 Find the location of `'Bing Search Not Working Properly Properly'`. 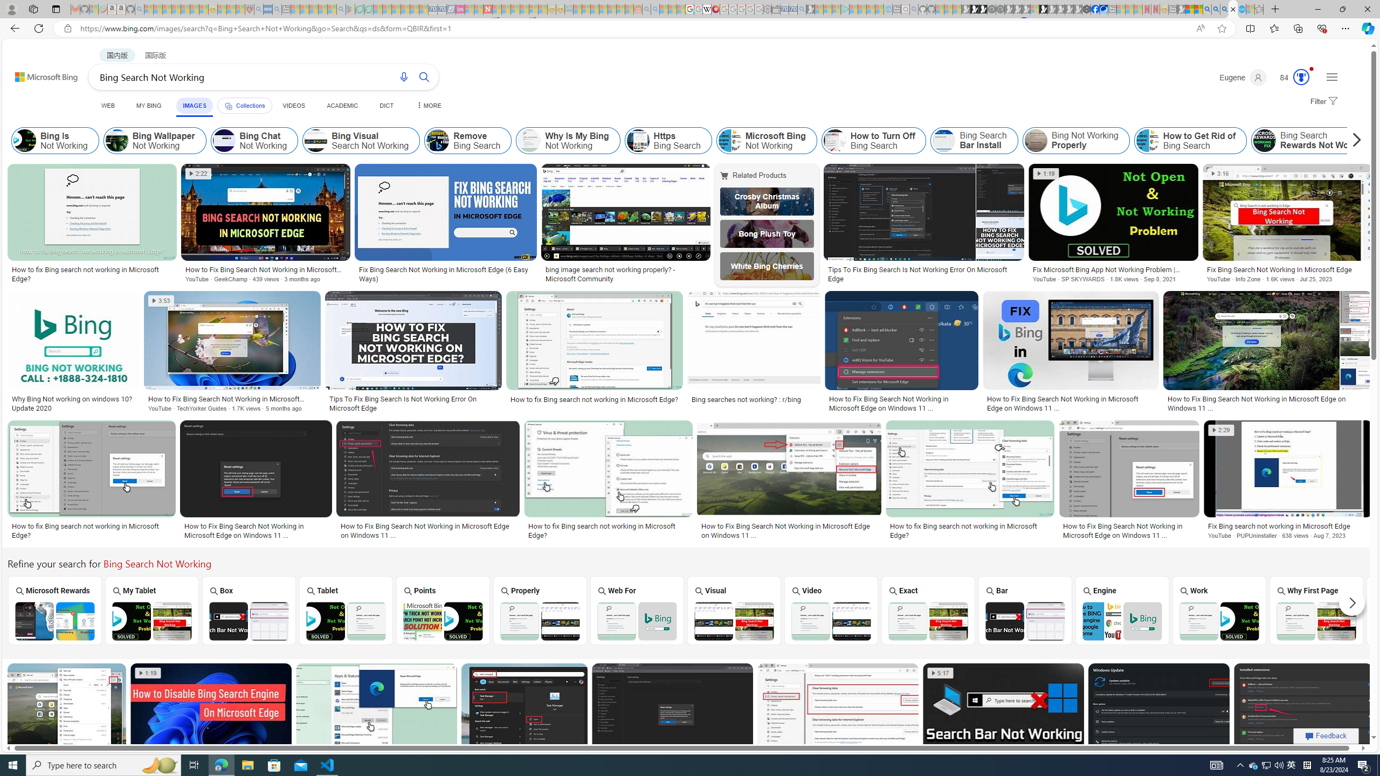

'Bing Search Not Working Properly Properly' is located at coordinates (540, 609).